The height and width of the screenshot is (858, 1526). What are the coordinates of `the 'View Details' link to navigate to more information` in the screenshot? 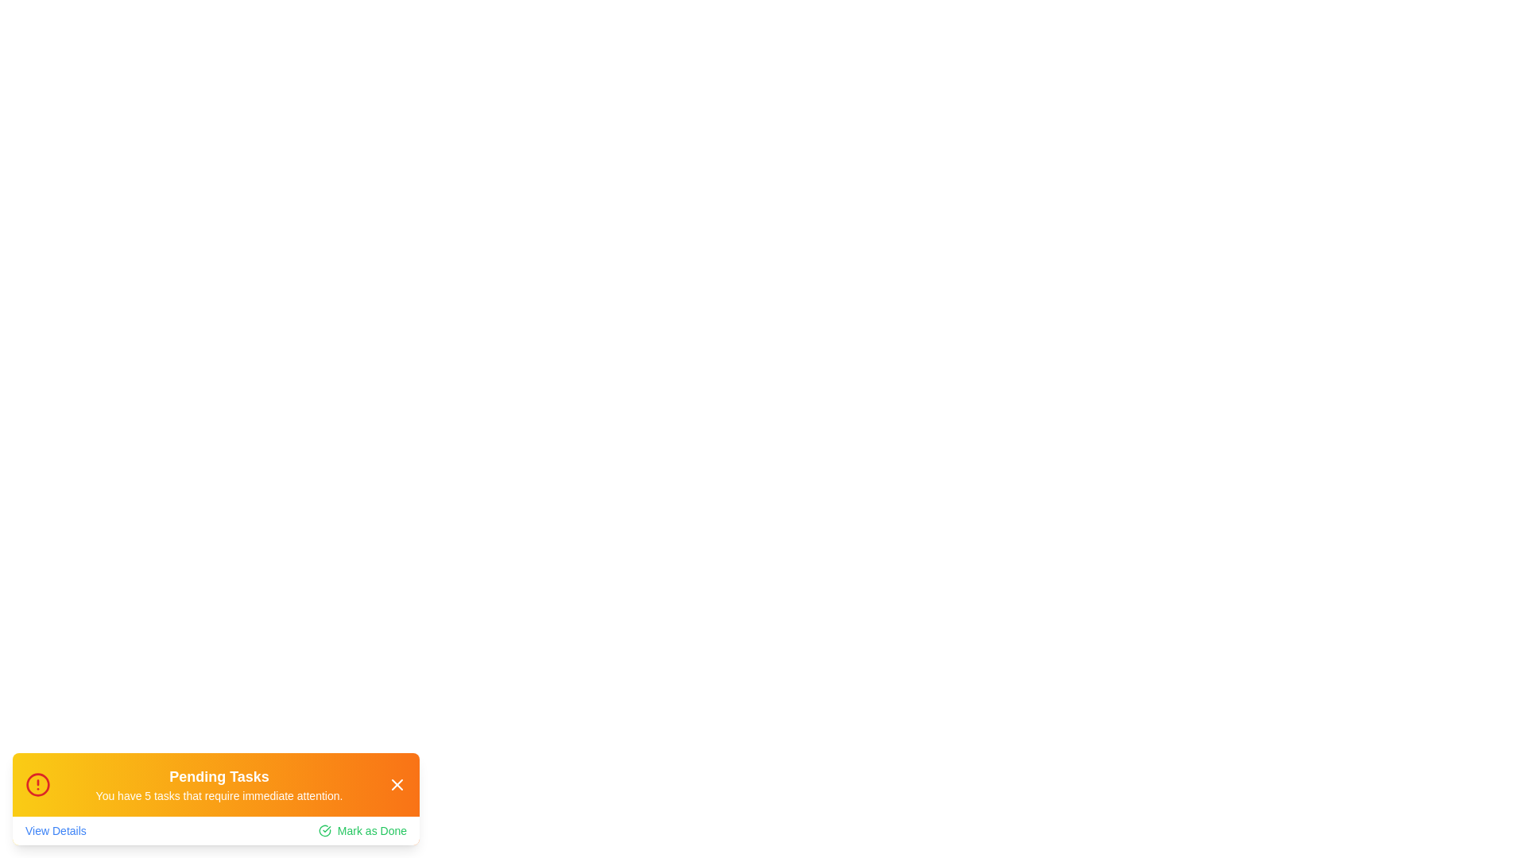 It's located at (56, 829).